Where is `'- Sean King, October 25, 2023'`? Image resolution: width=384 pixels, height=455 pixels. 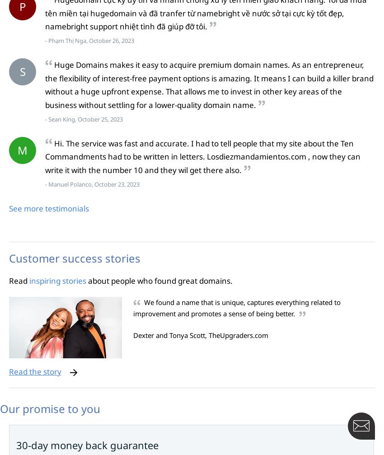 '- Sean King, October 25, 2023' is located at coordinates (83, 119).